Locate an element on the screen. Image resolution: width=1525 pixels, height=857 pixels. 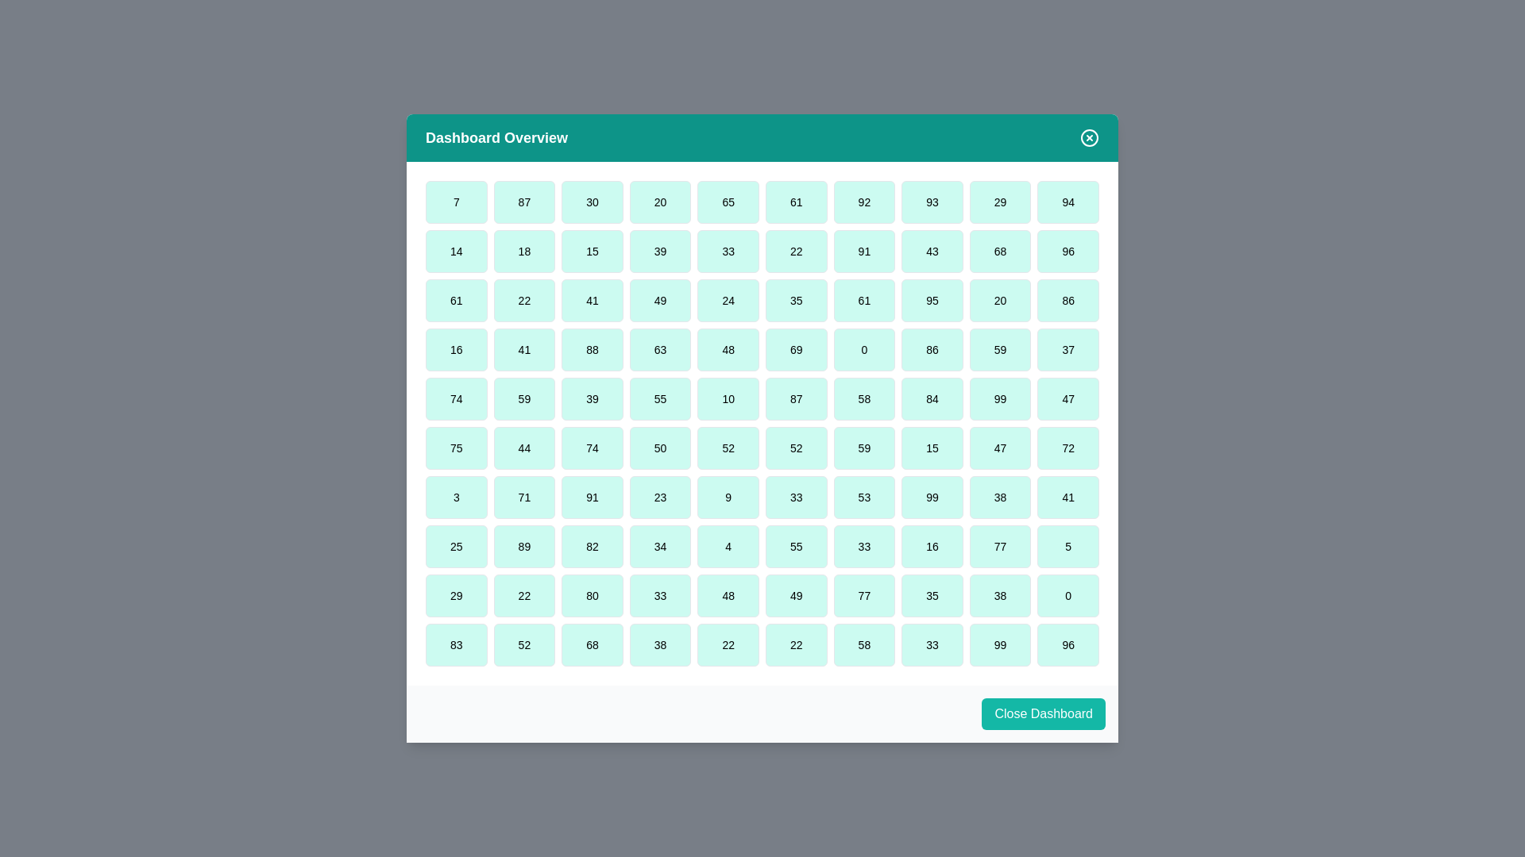
the close button in the header to close the dialog is located at coordinates (1089, 136).